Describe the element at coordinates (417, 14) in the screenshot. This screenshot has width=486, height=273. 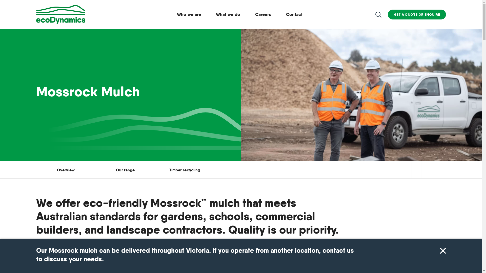
I see `'GET A QUOTE OR ENQUIRE'` at that location.